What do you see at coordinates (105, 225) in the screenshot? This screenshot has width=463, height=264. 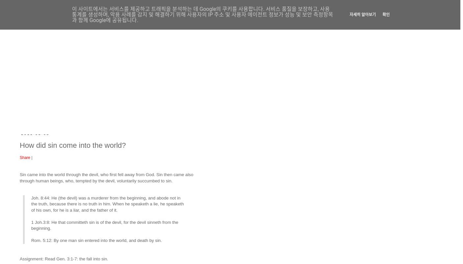 I see `'1 Joh.3:8: He that committeth sin is of the devil, for the devil sinneth from the beginning.'` at bounding box center [105, 225].